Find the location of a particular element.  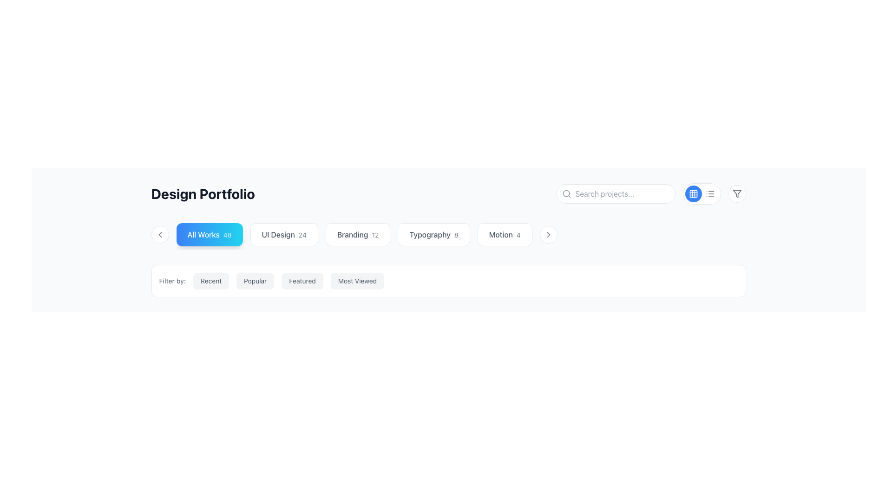

the filter button that enables users to sort displayed content by the most recent items, located slightly right of center in the interface, following the label 'Filter by:' is located at coordinates (210, 280).